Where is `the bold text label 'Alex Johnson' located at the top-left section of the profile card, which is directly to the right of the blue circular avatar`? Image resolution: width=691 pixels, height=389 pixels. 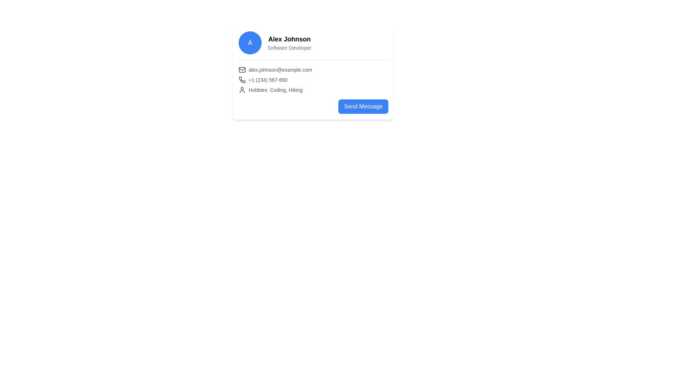
the bold text label 'Alex Johnson' located at the top-left section of the profile card, which is directly to the right of the blue circular avatar is located at coordinates (289, 39).